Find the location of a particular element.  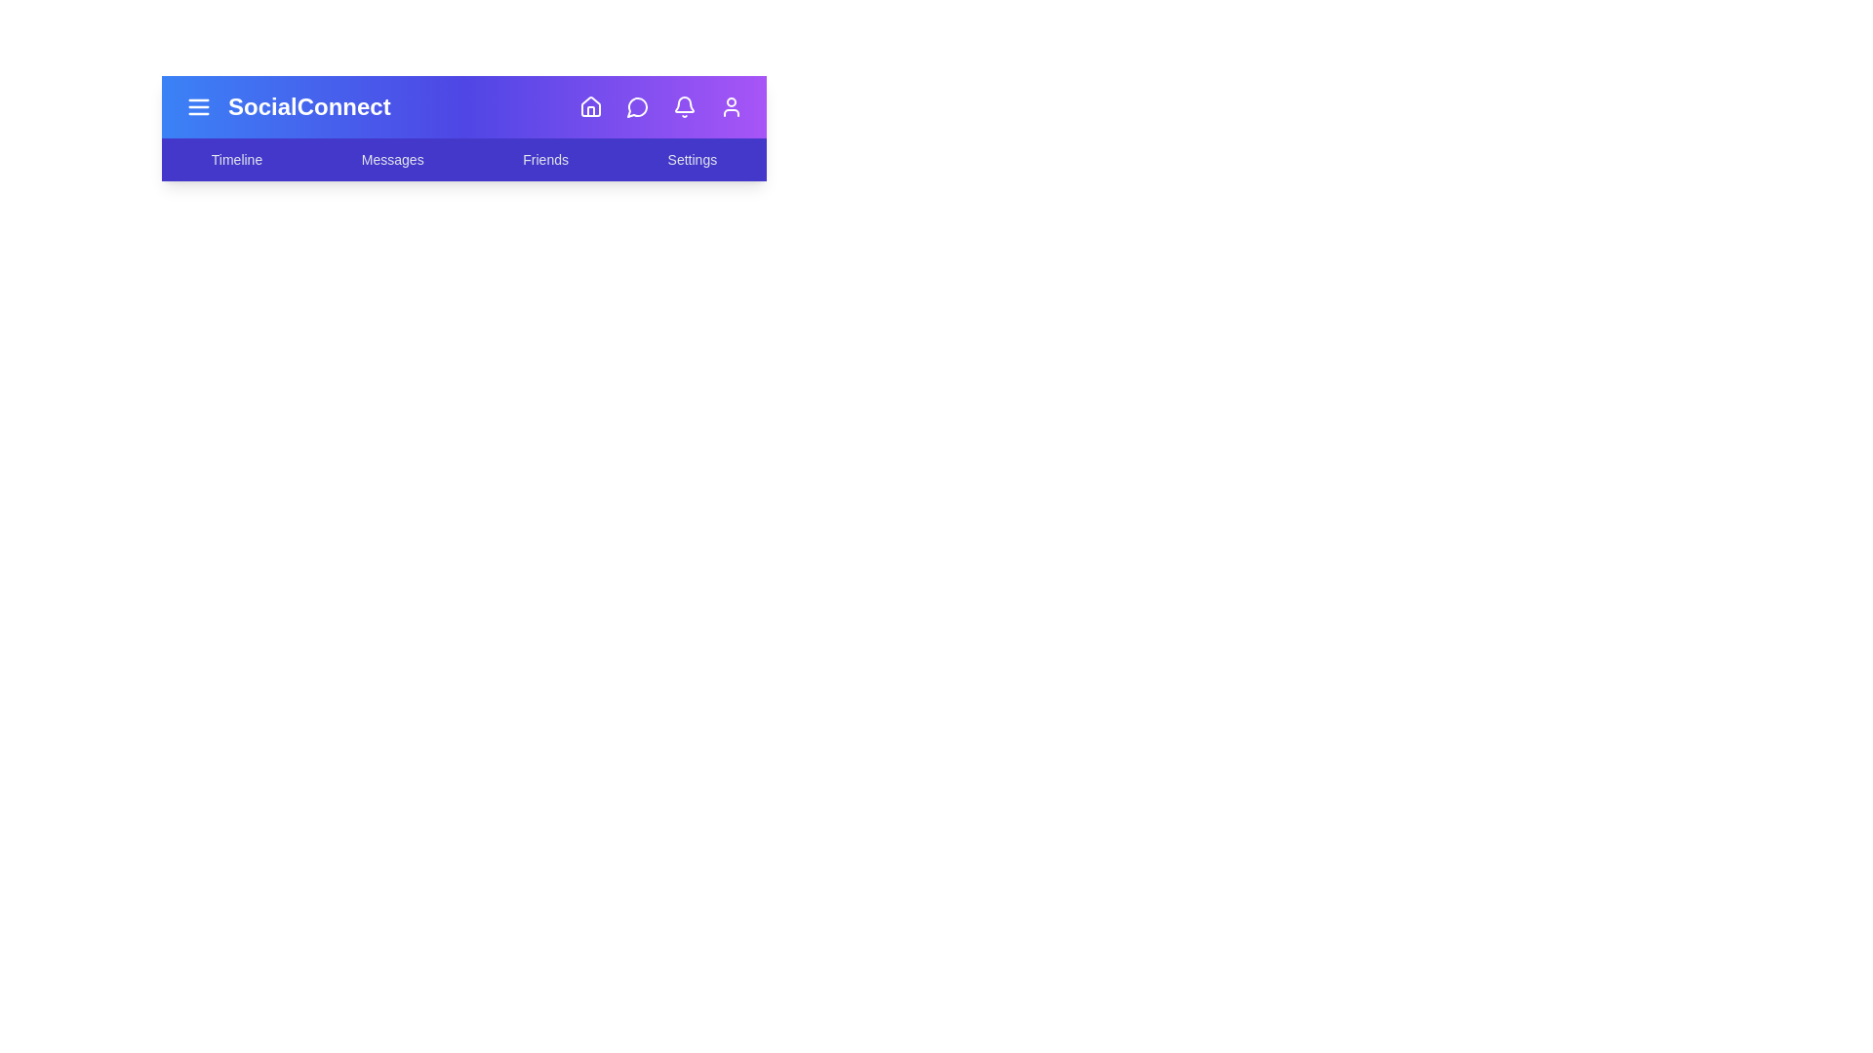

the Home icon in the navigation bar to navigate to its respective section is located at coordinates (589, 107).